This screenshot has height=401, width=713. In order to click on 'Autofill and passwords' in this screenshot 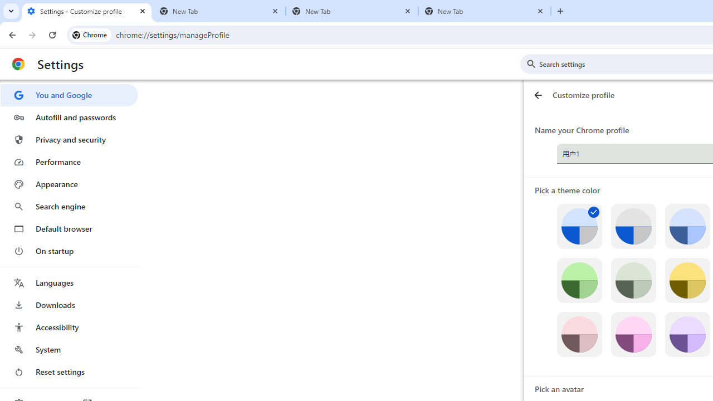, I will do `click(69, 117)`.